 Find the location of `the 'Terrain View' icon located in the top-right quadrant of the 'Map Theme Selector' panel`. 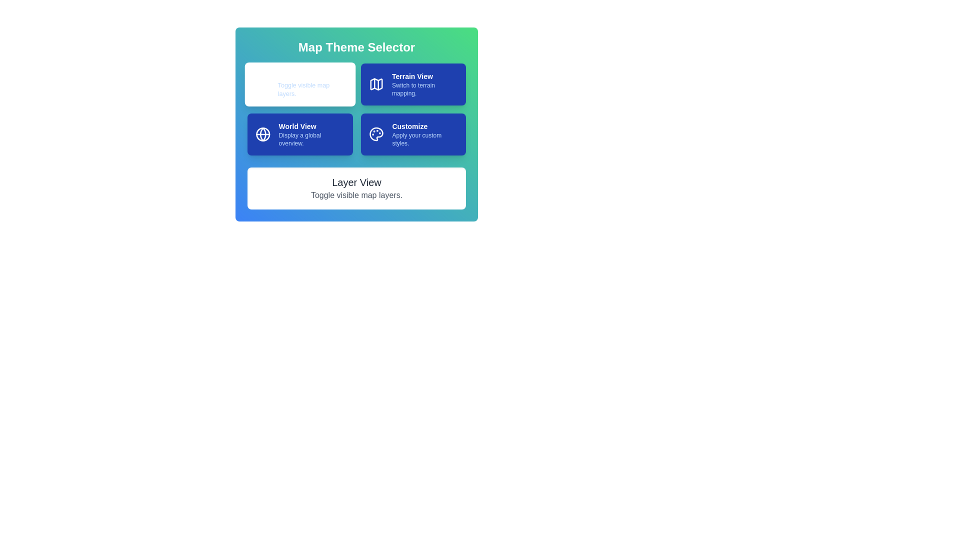

the 'Terrain View' icon located in the top-right quadrant of the 'Map Theme Selector' panel is located at coordinates (375, 84).